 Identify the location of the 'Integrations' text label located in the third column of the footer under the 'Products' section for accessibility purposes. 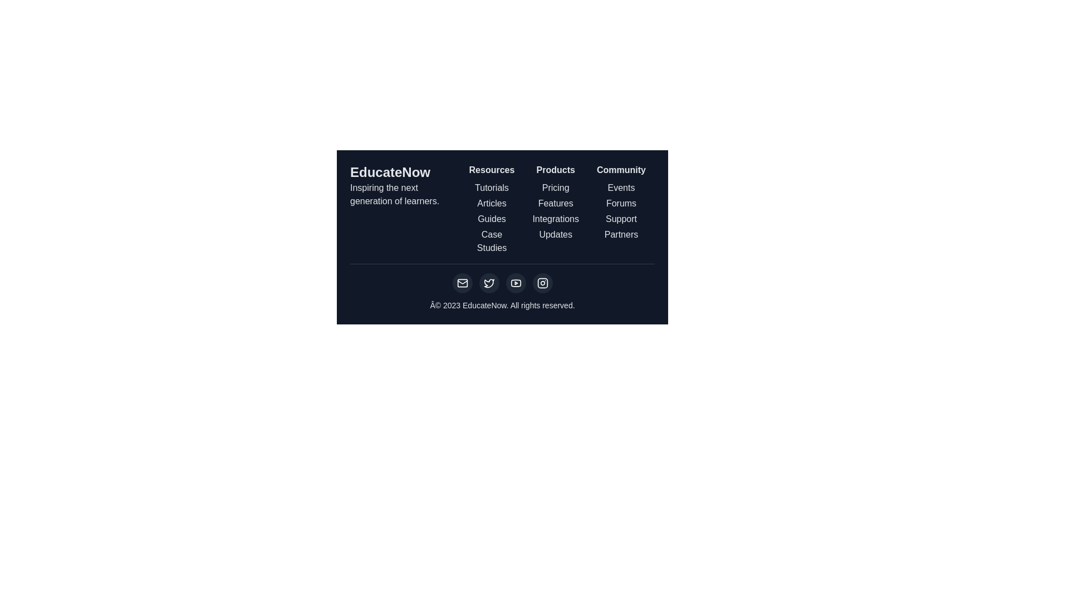
(556, 219).